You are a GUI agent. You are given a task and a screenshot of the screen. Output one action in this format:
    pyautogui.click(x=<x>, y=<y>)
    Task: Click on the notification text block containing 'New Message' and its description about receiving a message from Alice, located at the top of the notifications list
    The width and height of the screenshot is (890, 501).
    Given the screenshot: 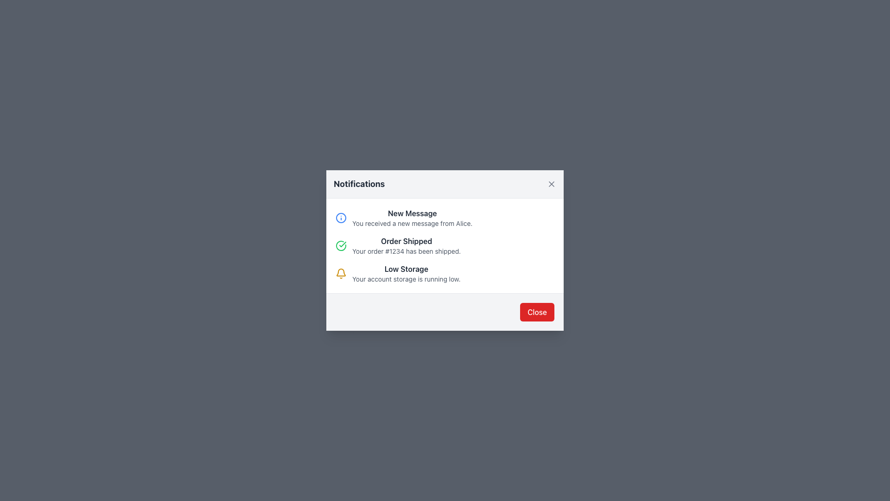 What is the action you would take?
    pyautogui.click(x=412, y=218)
    